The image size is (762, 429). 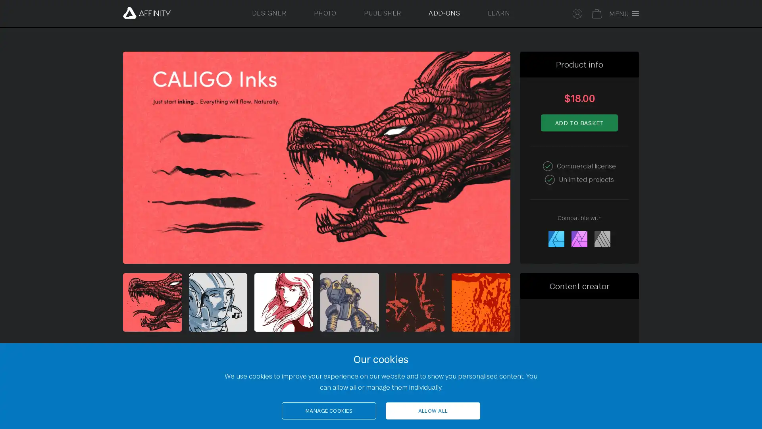 I want to click on Gallery of DAUB Caligo sample images. Select to view image 1., so click(x=152, y=302).